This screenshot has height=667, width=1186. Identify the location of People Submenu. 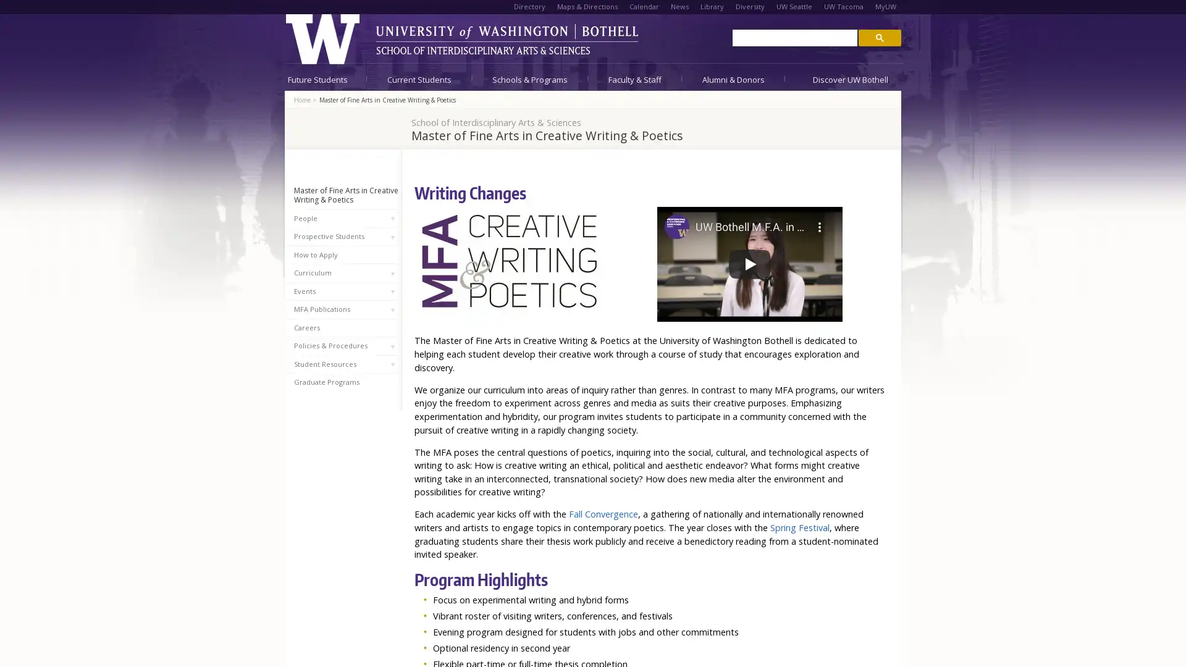
(392, 218).